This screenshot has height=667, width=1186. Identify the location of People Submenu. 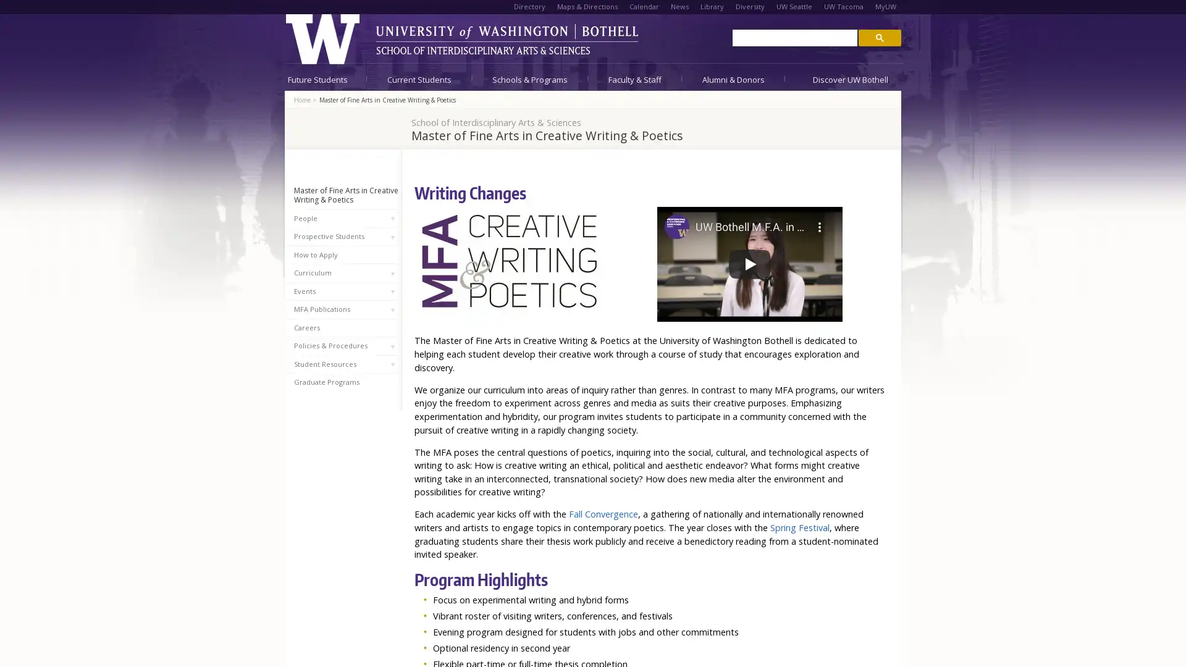
(392, 218).